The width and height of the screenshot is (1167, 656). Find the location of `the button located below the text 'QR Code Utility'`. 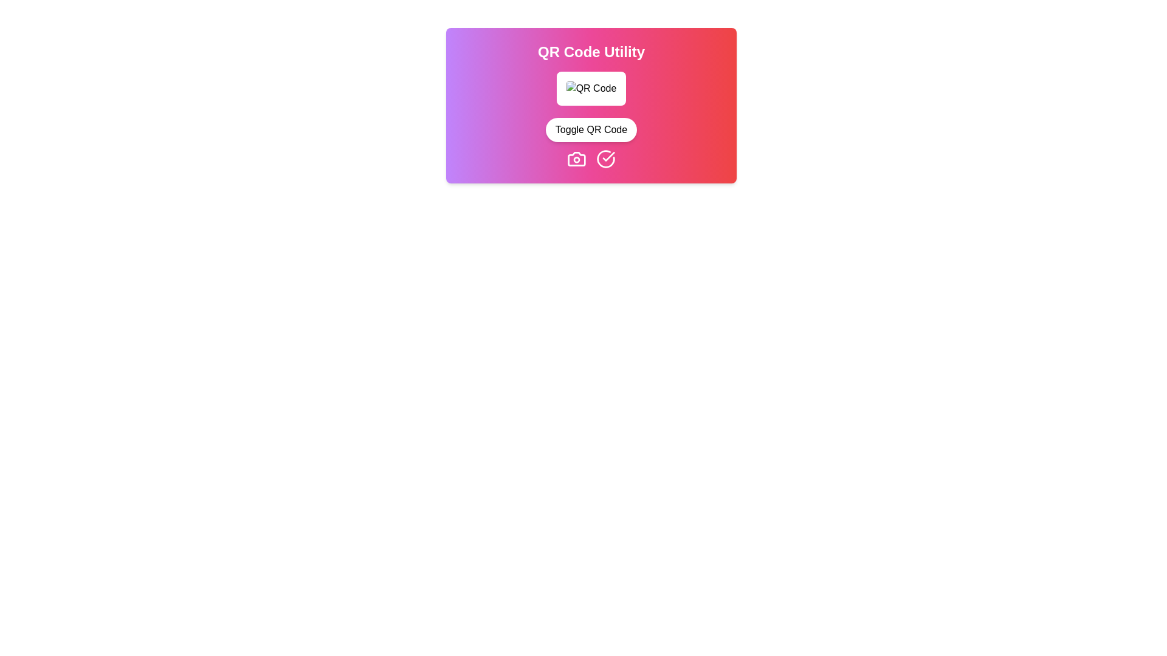

the button located below the text 'QR Code Utility' is located at coordinates (591, 129).